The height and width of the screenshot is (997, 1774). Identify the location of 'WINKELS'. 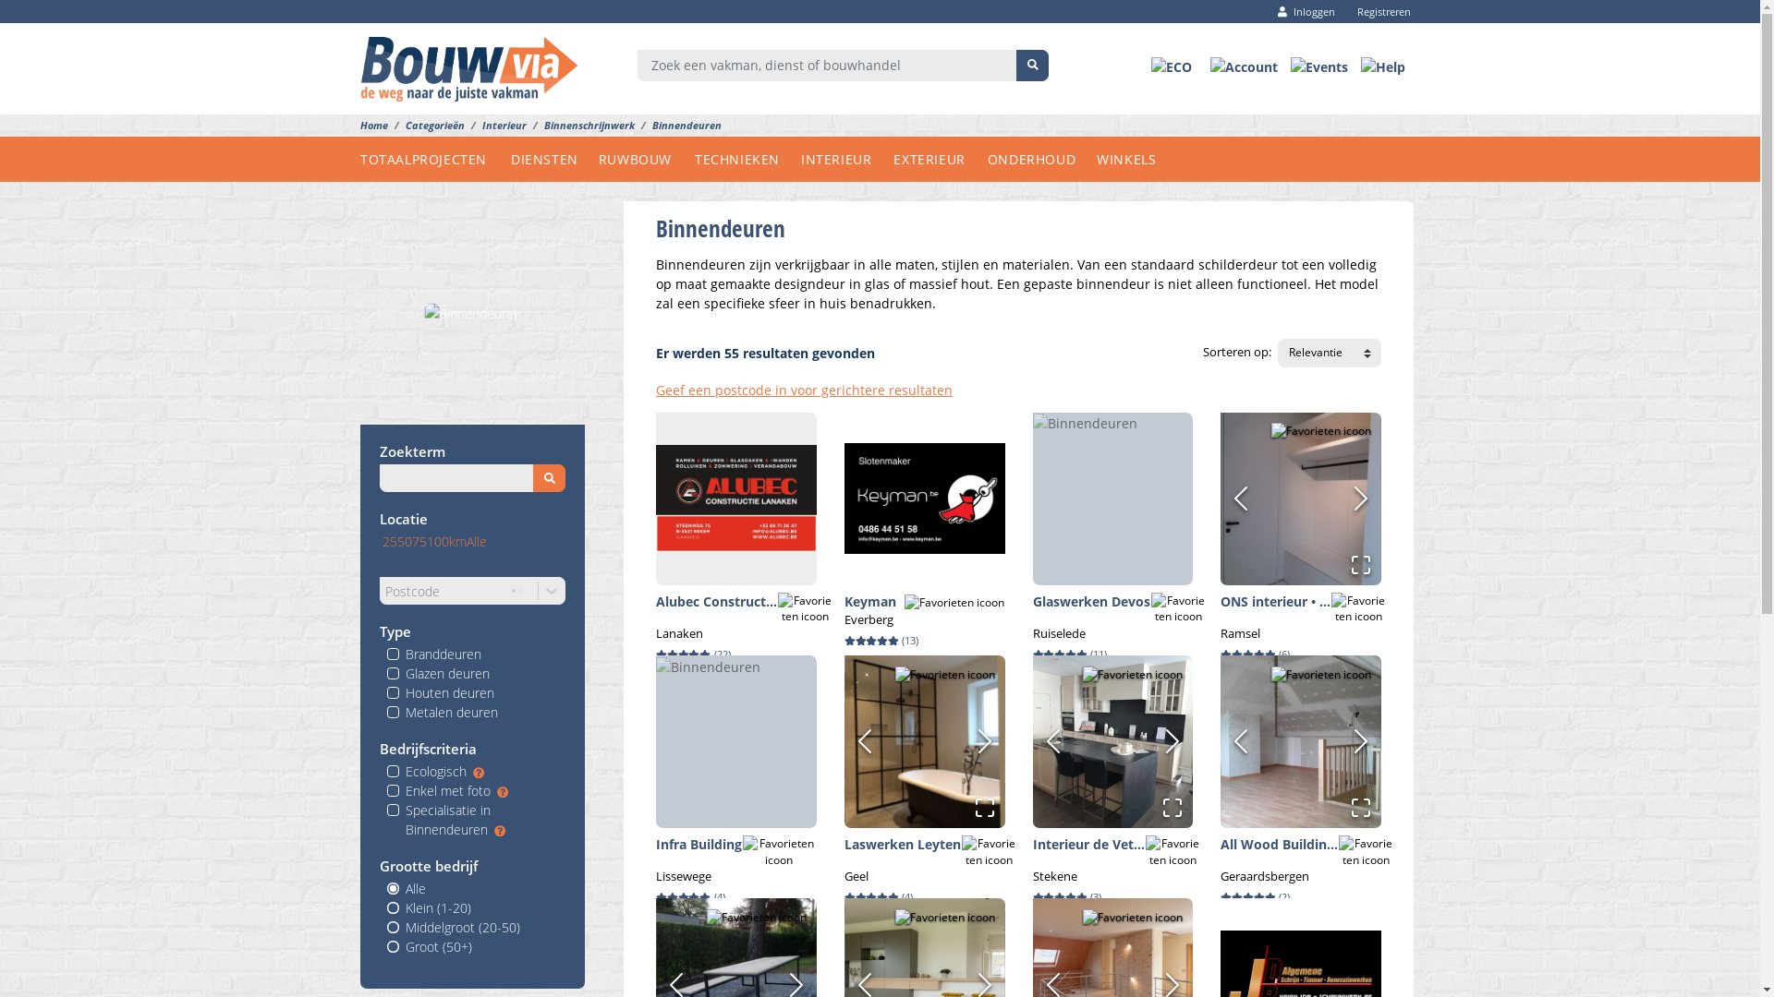
(1136, 158).